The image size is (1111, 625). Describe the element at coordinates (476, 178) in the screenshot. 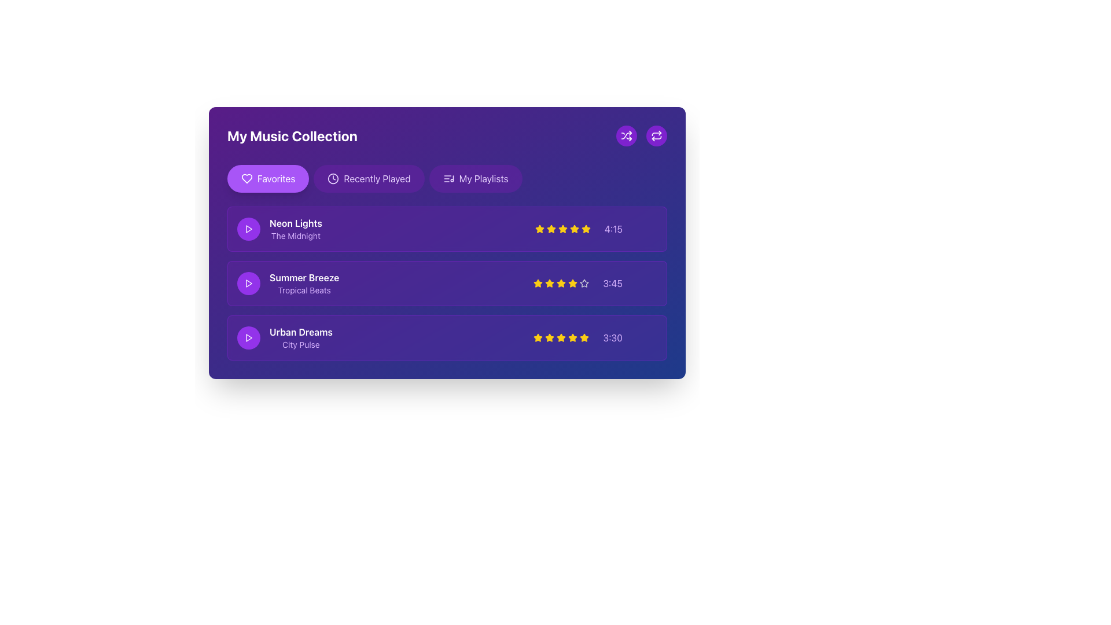

I see `the 'My Playlists' button, which has a purple rounded background and light purple text` at that location.